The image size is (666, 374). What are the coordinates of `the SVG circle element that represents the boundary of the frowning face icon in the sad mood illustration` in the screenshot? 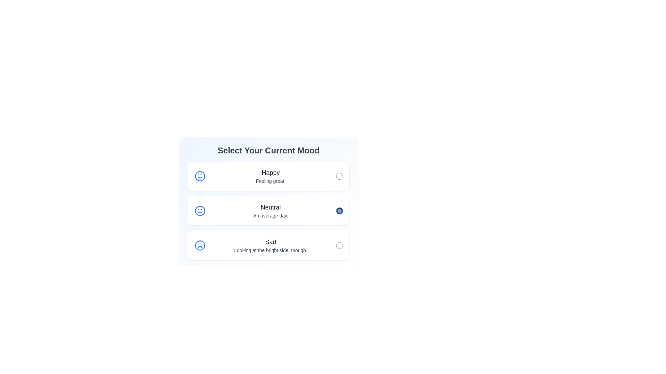 It's located at (199, 245).